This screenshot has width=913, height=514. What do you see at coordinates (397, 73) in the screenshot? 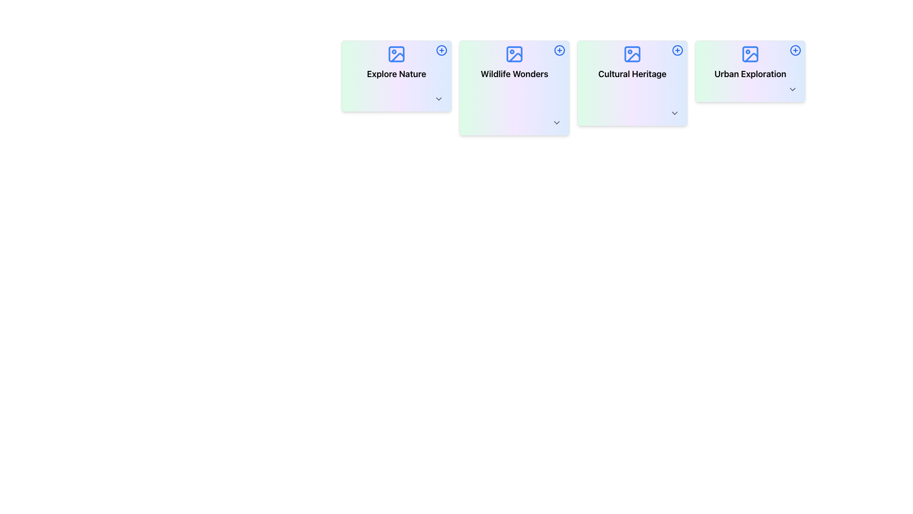
I see `the Text Label located at the bottom-middle of the first card, which indicates the title or category name of the card, positioned below an image-like icon` at bounding box center [397, 73].